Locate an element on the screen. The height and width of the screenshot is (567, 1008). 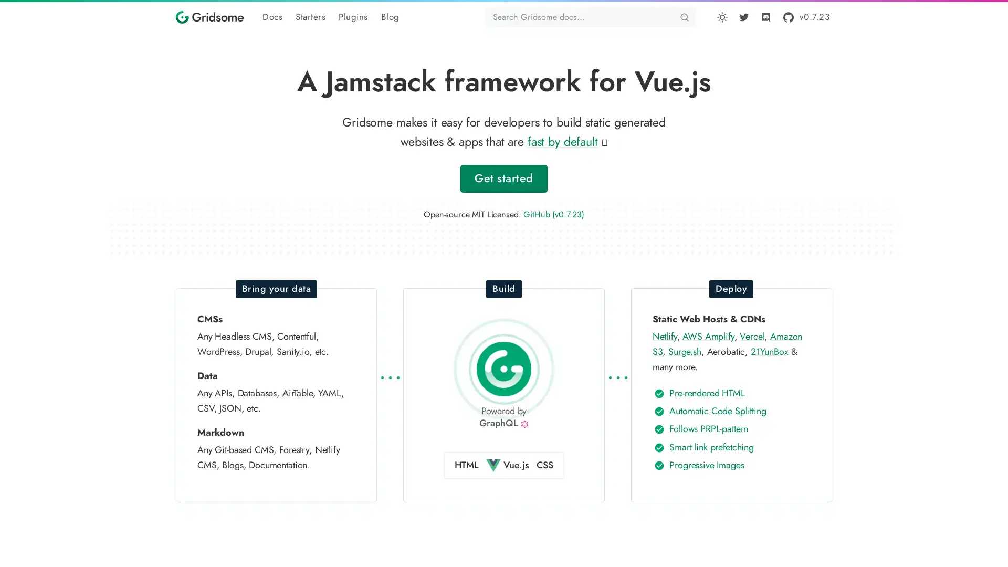
Toggle dark is located at coordinates (721, 17).